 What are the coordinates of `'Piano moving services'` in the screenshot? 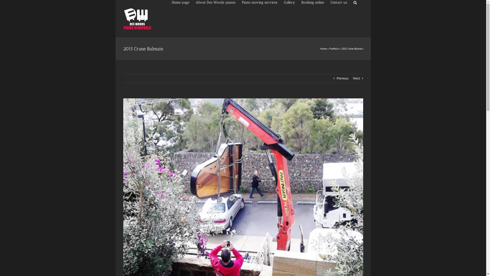 It's located at (260, 2).